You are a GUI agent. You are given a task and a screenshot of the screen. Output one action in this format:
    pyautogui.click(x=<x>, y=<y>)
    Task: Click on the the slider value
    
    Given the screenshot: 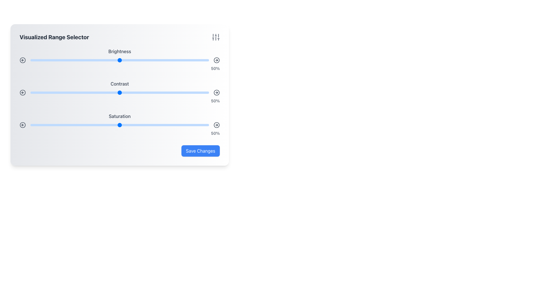 What is the action you would take?
    pyautogui.click(x=37, y=125)
    